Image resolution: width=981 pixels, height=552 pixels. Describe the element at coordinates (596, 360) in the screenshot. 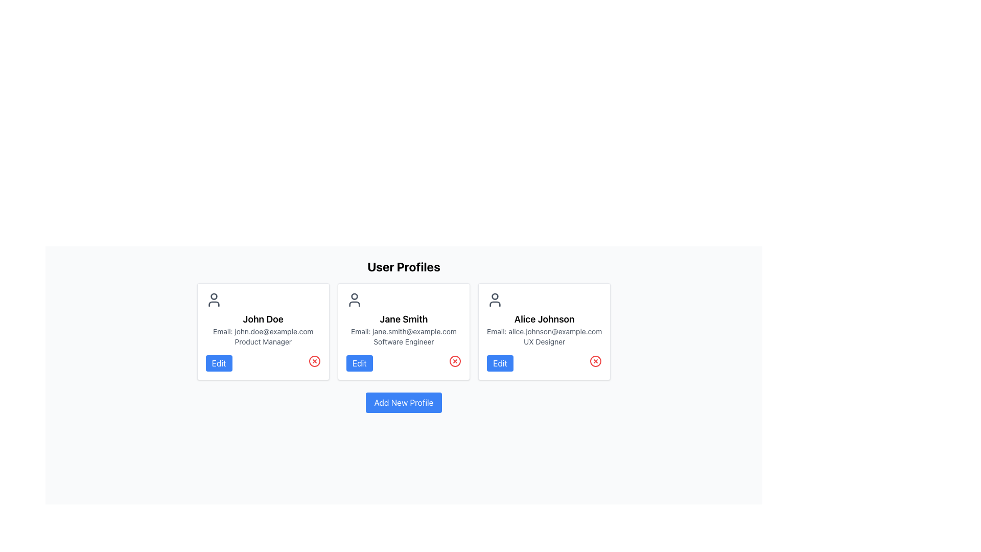

I see `the delete icon located in the bottom-right corner of Alice Johnson's user card` at that location.